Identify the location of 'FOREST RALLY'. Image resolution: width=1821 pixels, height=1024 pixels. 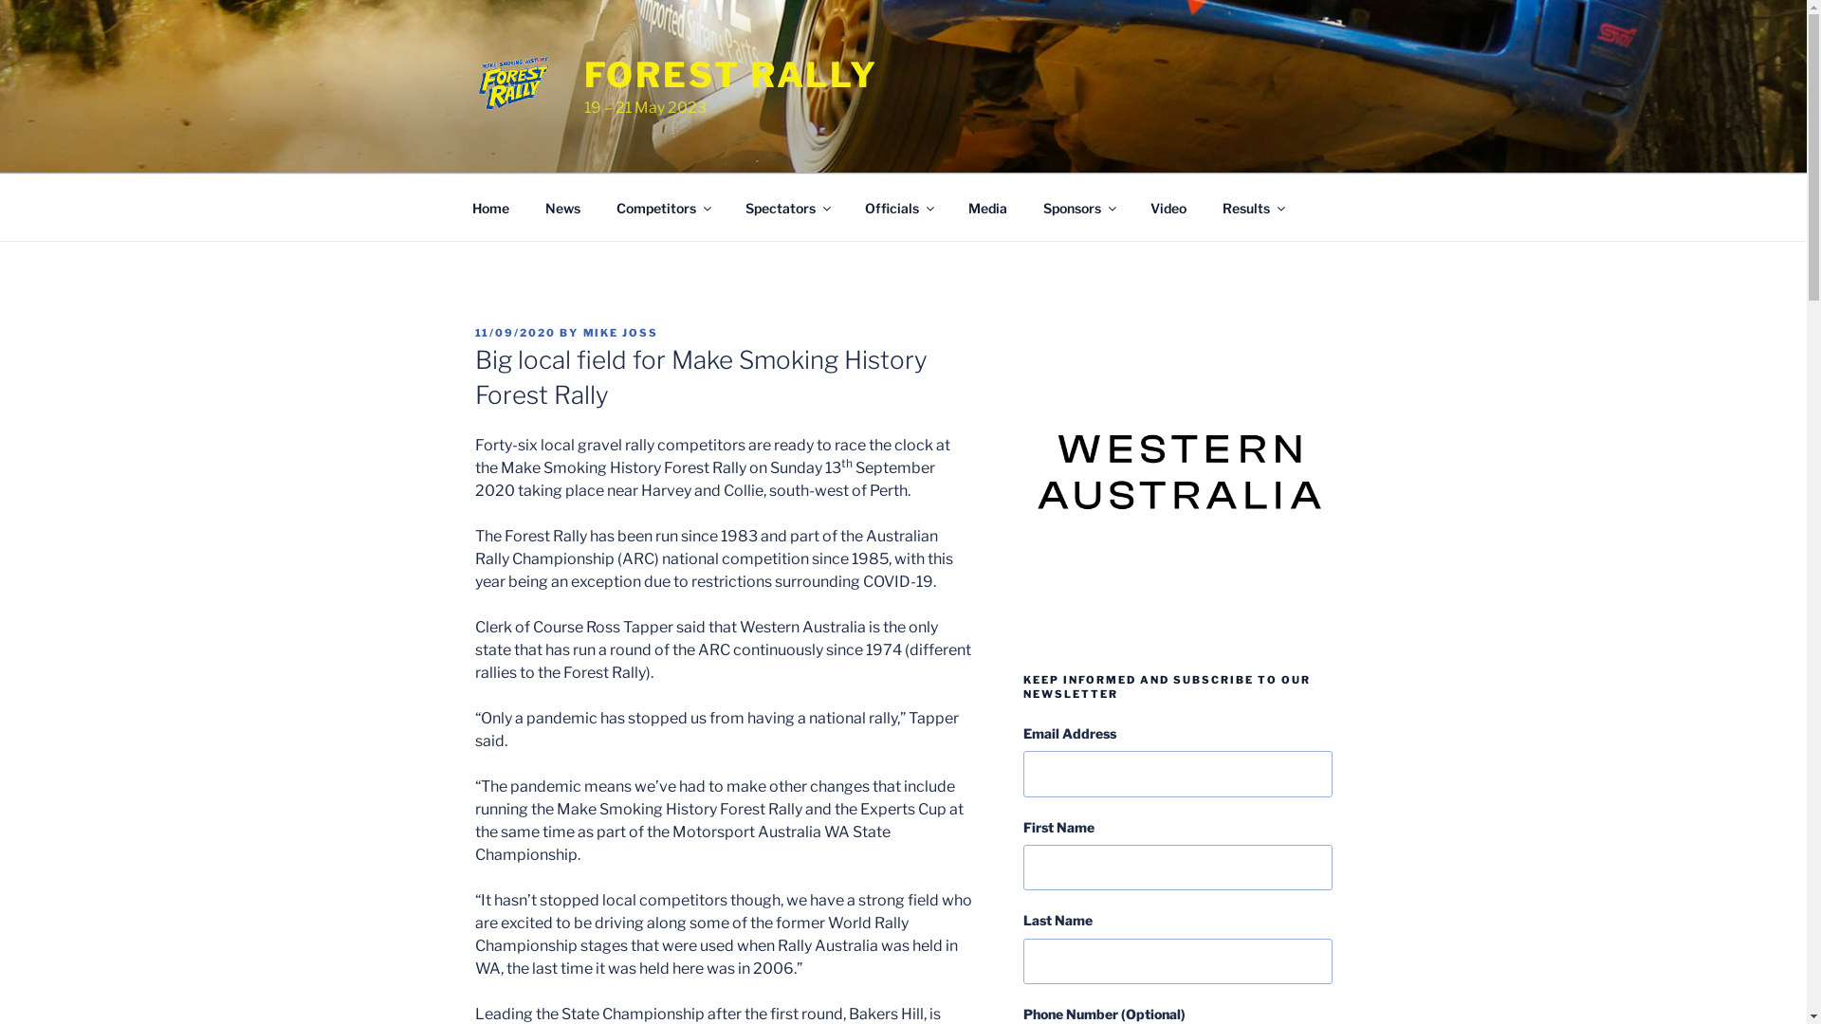
(730, 73).